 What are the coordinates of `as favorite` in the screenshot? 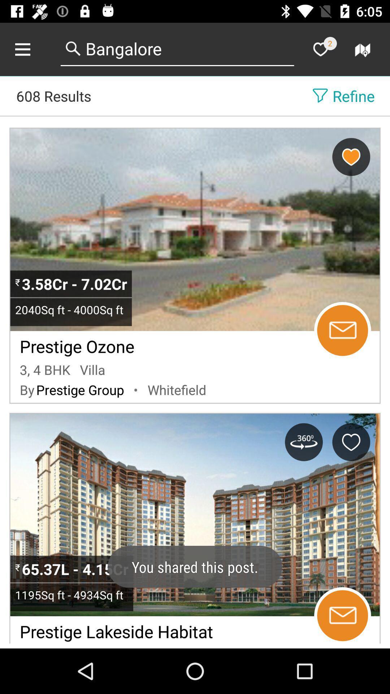 It's located at (351, 157).